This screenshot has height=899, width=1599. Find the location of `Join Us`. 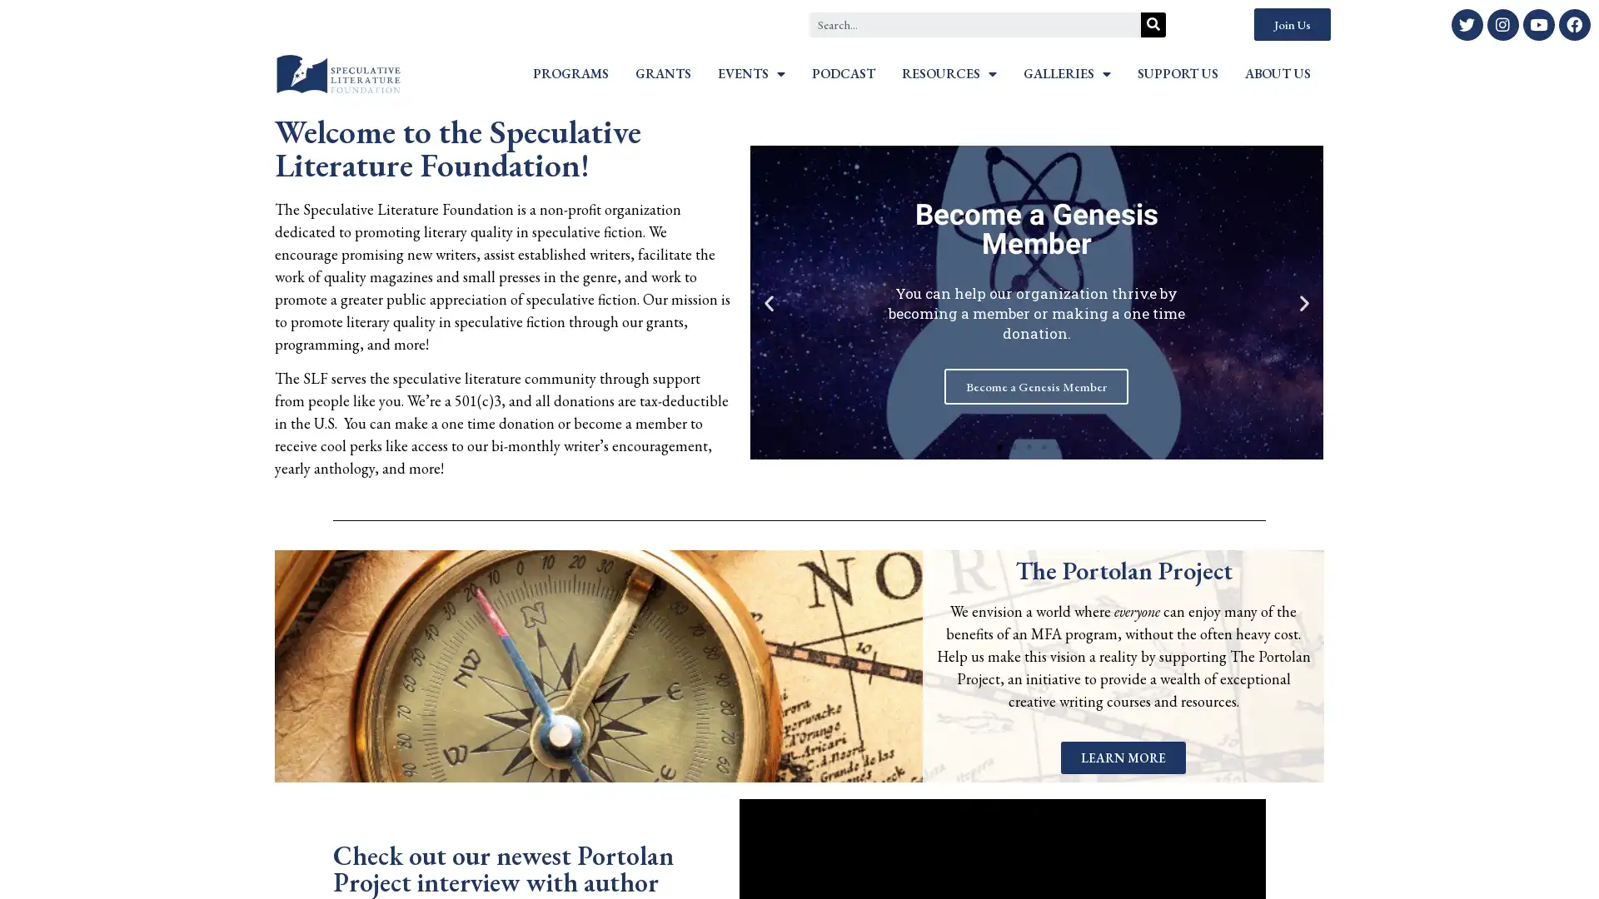

Join Us is located at coordinates (1291, 24).